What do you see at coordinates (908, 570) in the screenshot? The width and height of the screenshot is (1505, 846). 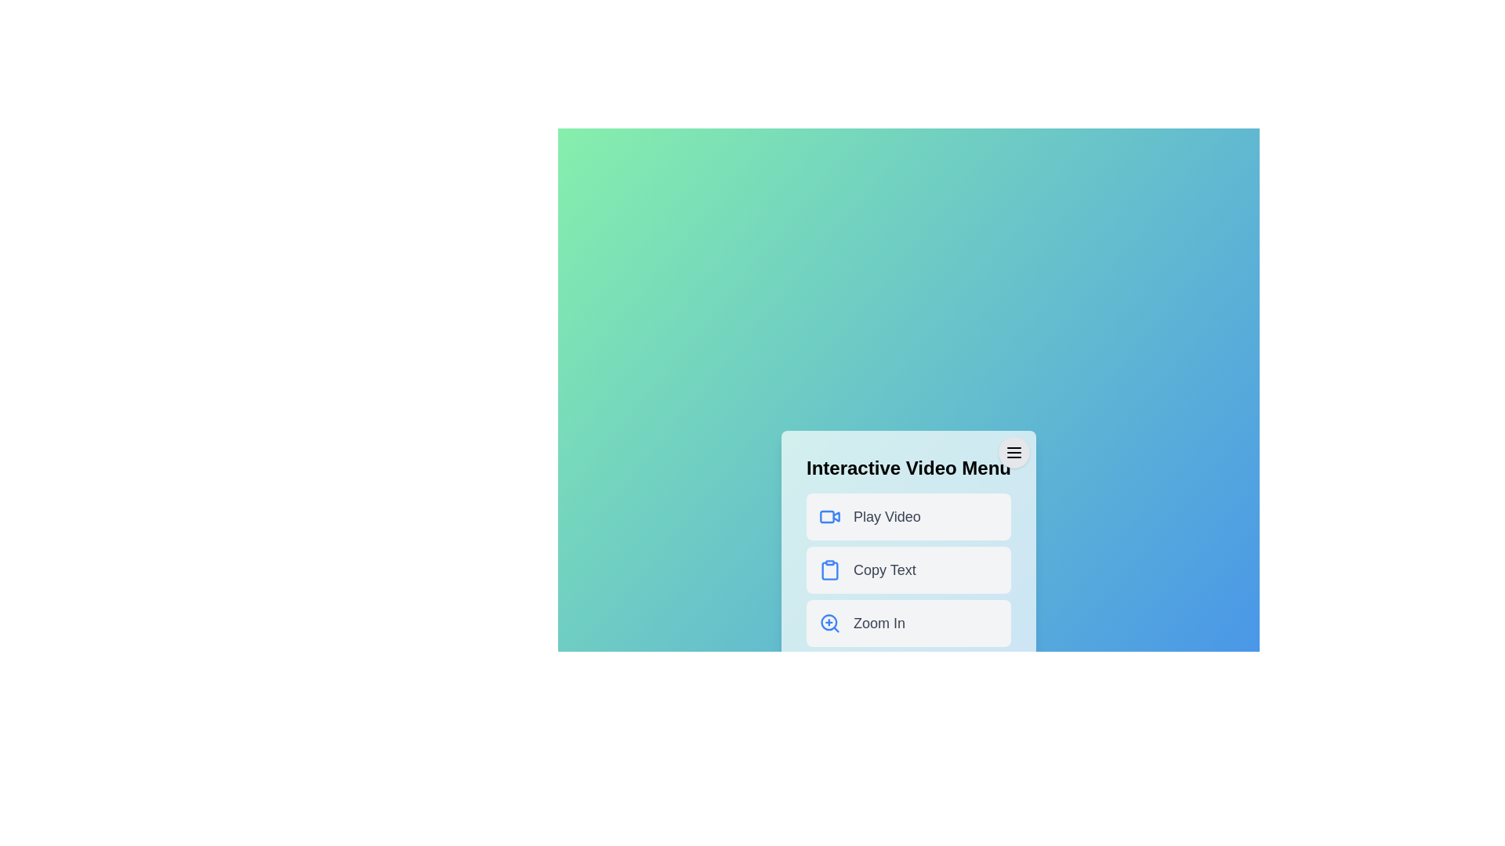 I see `the 'Copy Text' option in the menu` at bounding box center [908, 570].